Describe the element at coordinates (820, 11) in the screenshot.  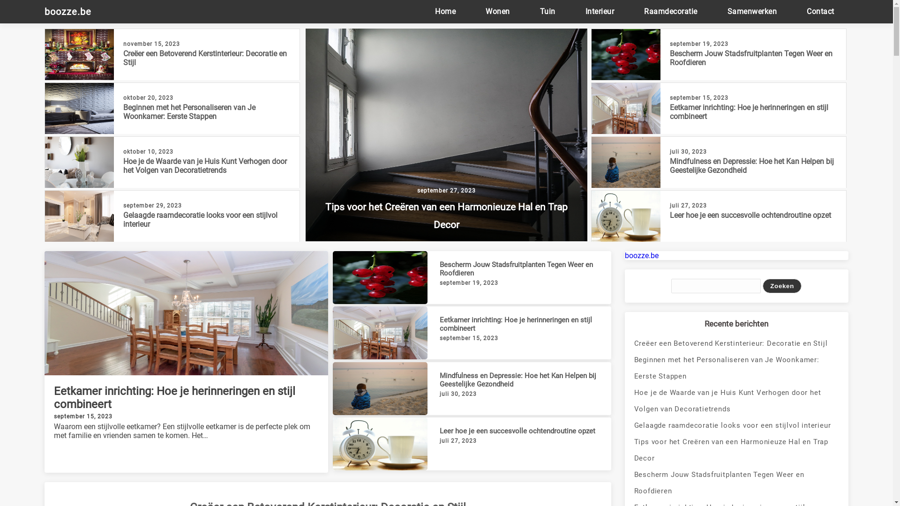
I see `'Contact'` at that location.